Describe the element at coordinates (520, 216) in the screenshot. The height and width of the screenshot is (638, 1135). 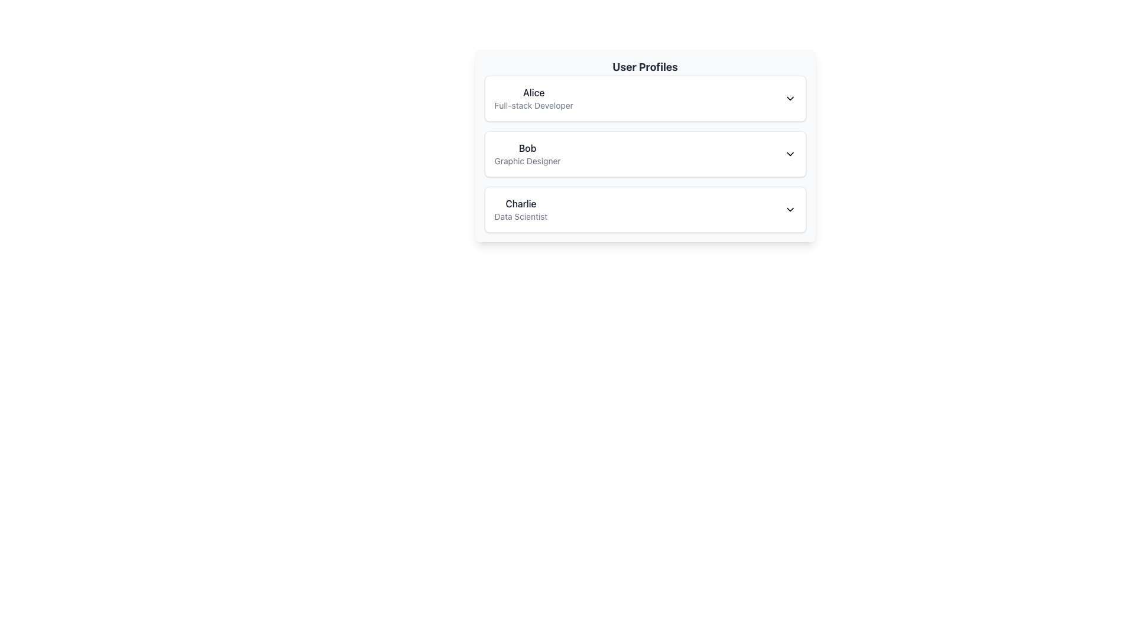
I see `the 'Data Scientist' text label located beneath the name 'Charlie' in the third entry of the 'User Profiles' list` at that location.